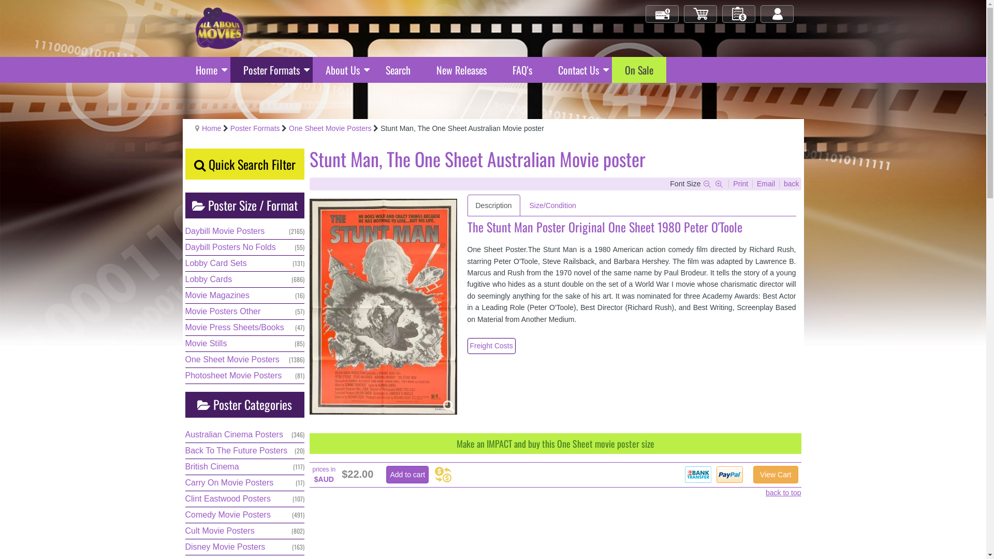  Describe the element at coordinates (383, 306) in the screenshot. I see `'Click for Higher Resolution image'` at that location.